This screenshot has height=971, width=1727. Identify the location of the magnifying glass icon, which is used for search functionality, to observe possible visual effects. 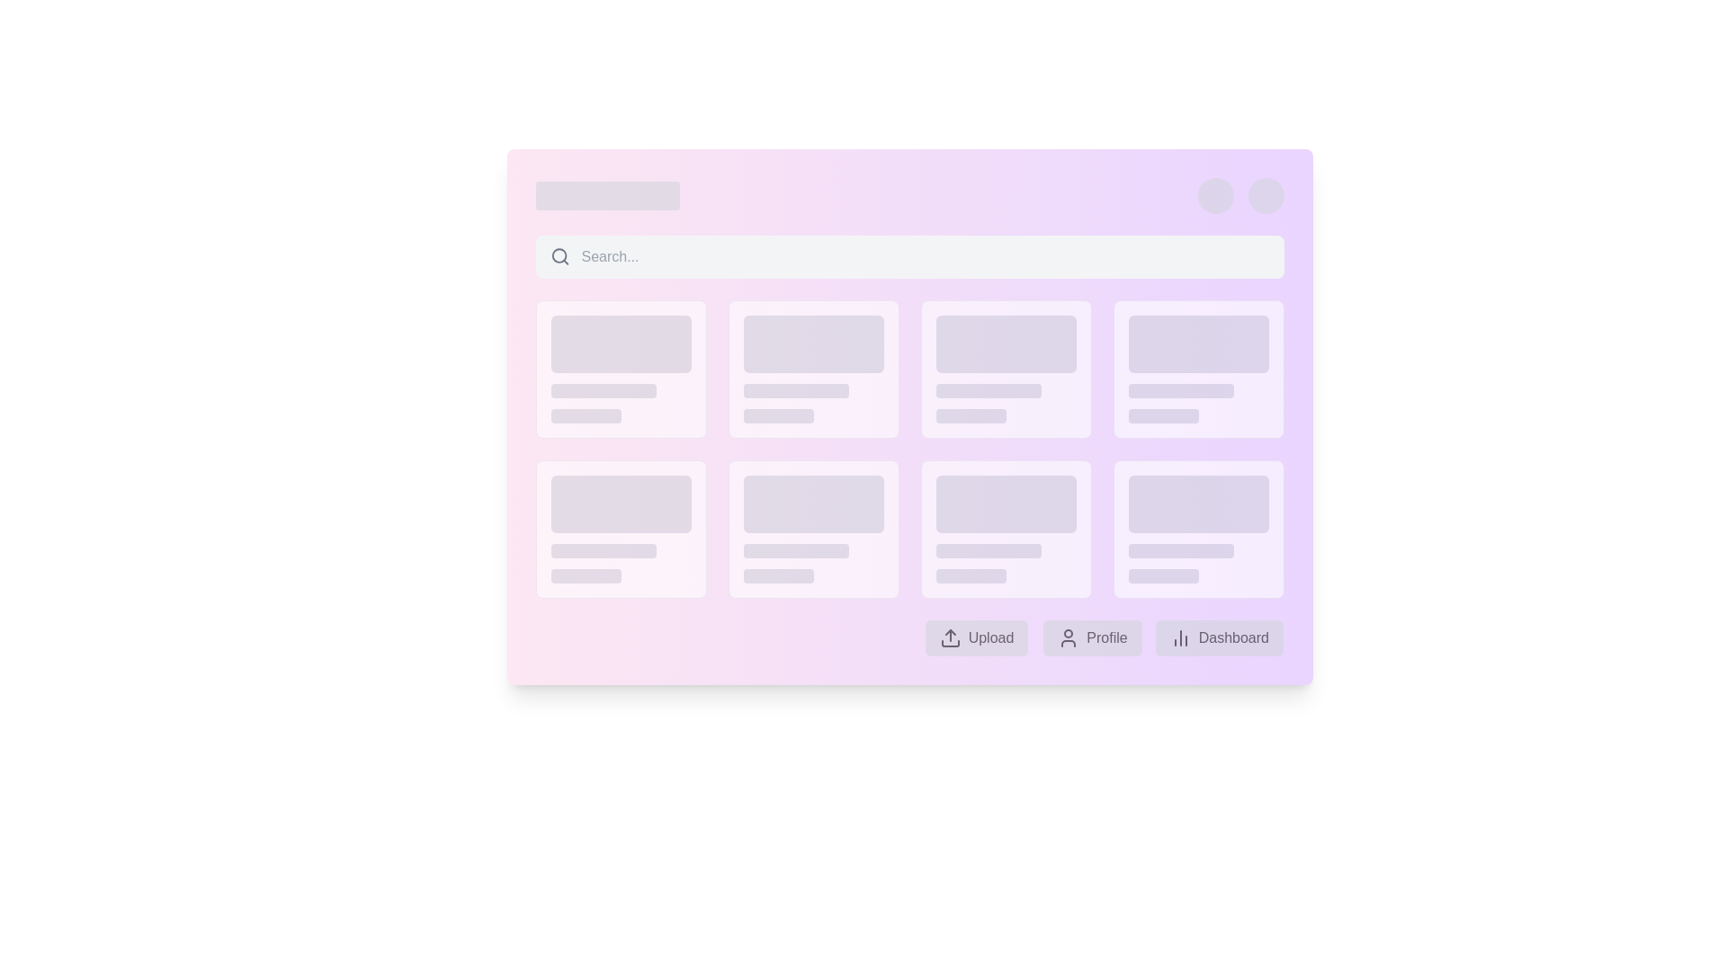
(559, 256).